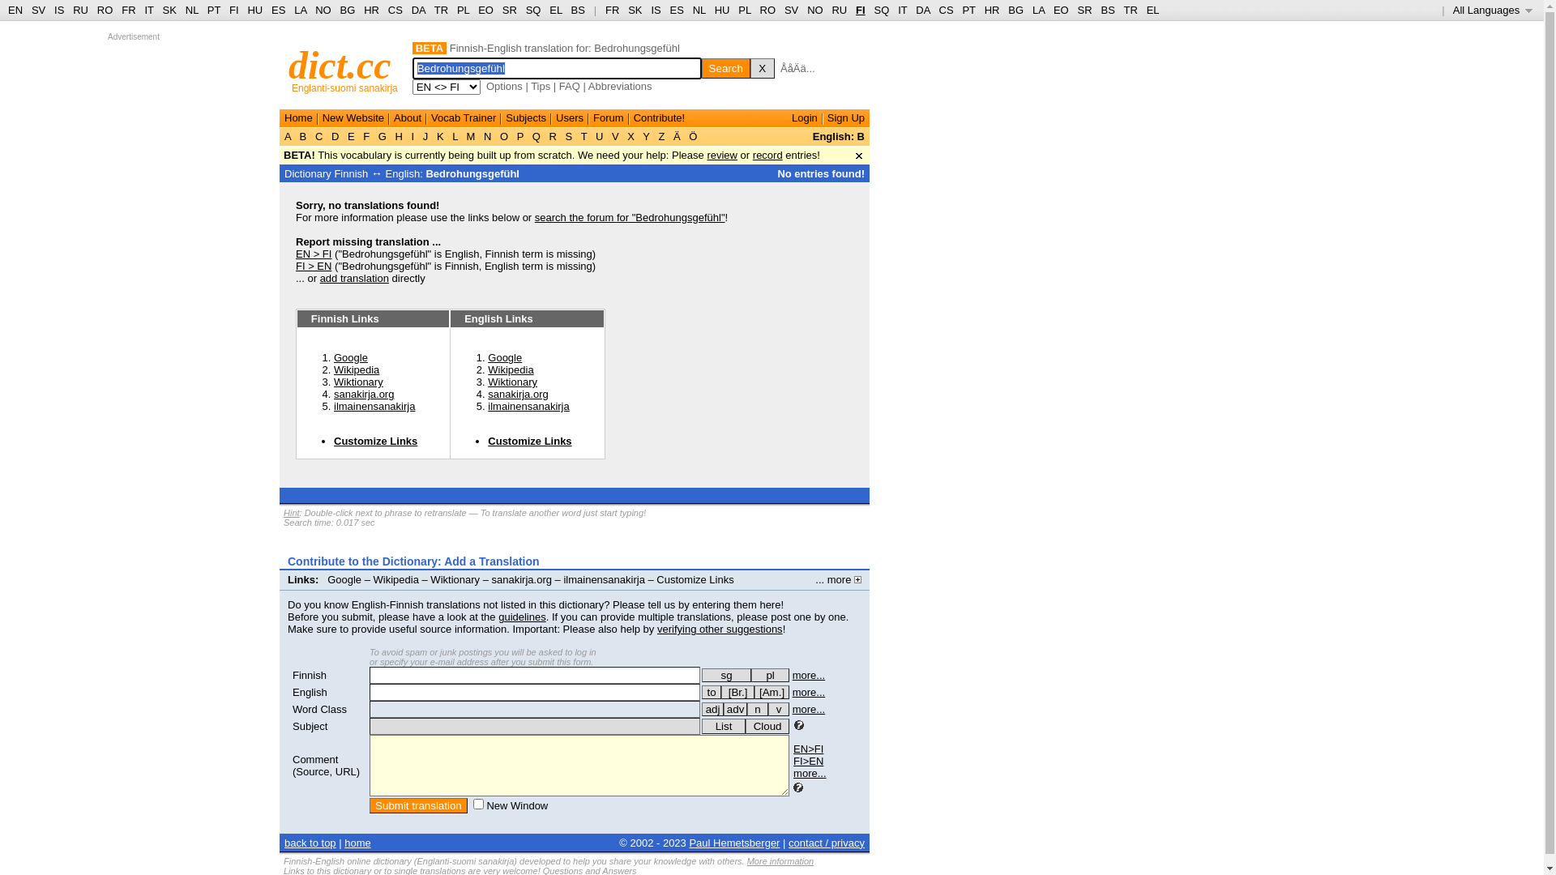 The height and width of the screenshot is (875, 1556). Describe the element at coordinates (611, 10) in the screenshot. I see `'FR'` at that location.